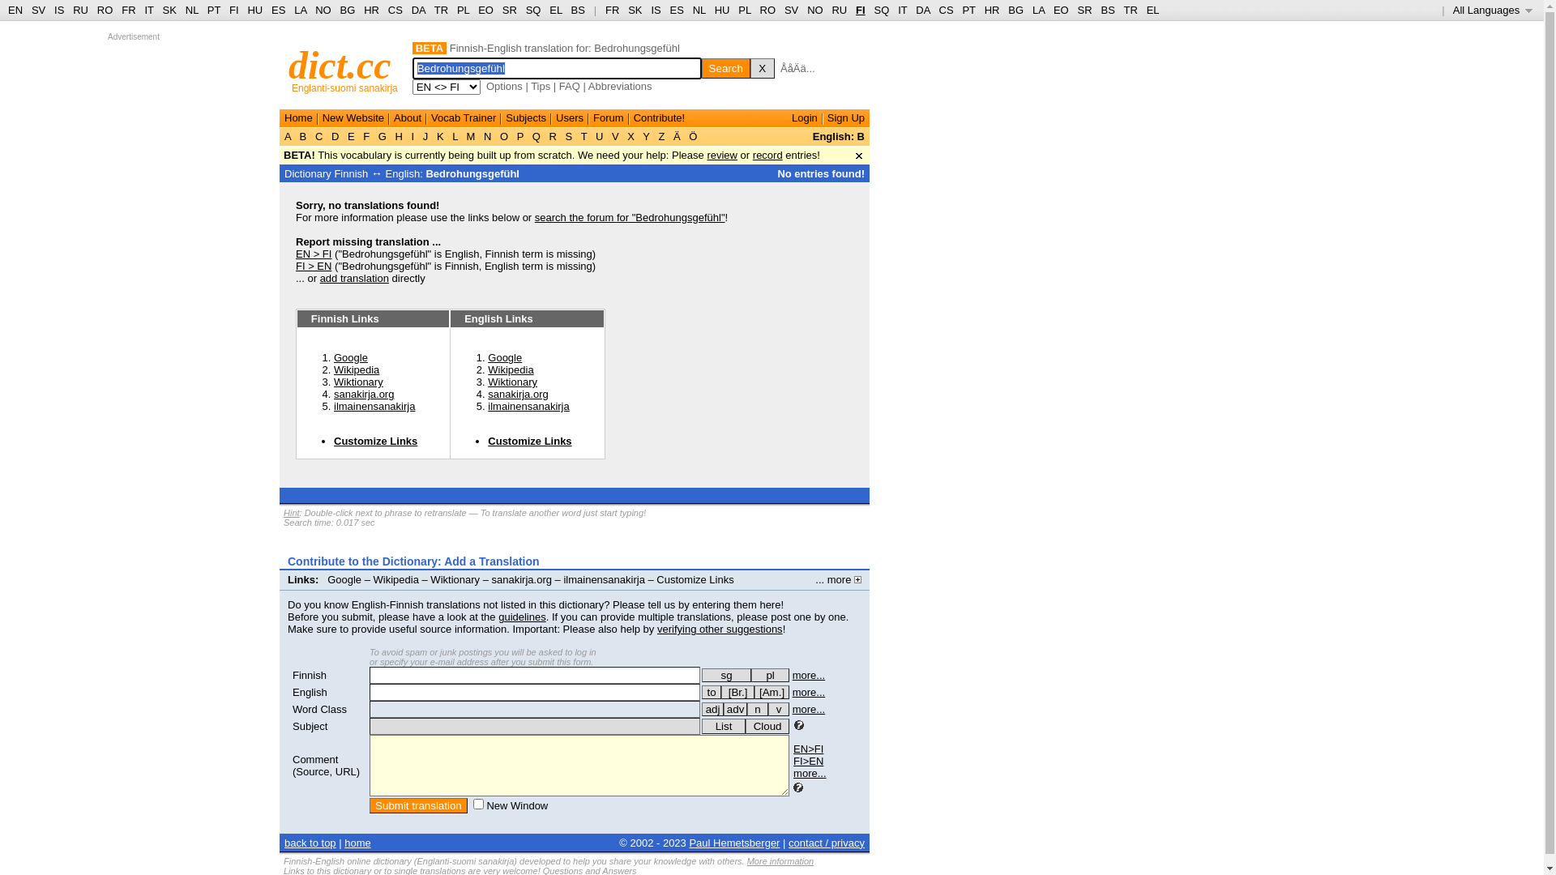 The height and width of the screenshot is (875, 1556). Describe the element at coordinates (611, 10) in the screenshot. I see `'FR'` at that location.